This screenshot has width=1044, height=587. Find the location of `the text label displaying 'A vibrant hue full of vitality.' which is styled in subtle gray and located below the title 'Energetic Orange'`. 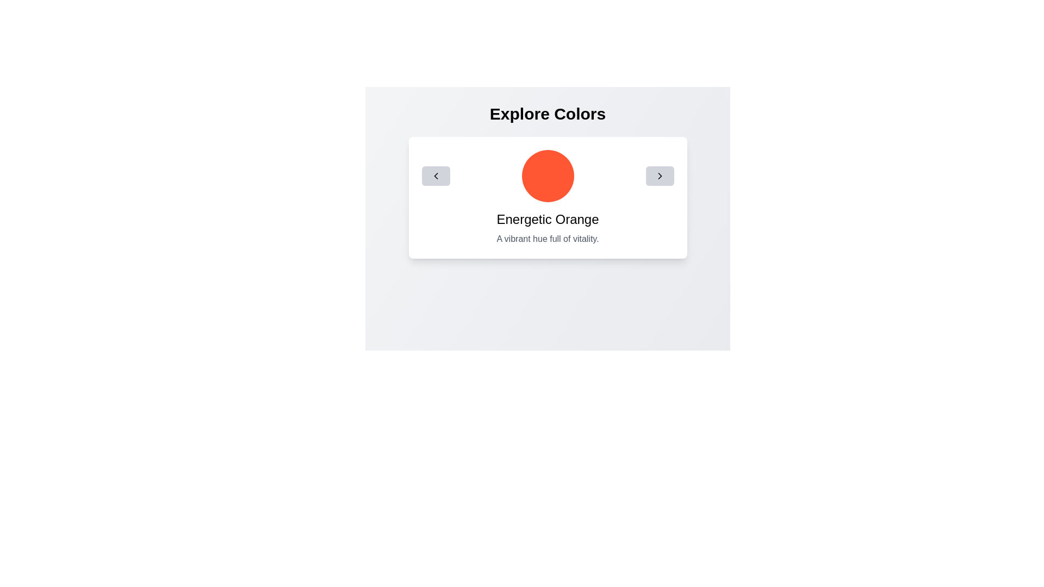

the text label displaying 'A vibrant hue full of vitality.' which is styled in subtle gray and located below the title 'Energetic Orange' is located at coordinates (548, 238).